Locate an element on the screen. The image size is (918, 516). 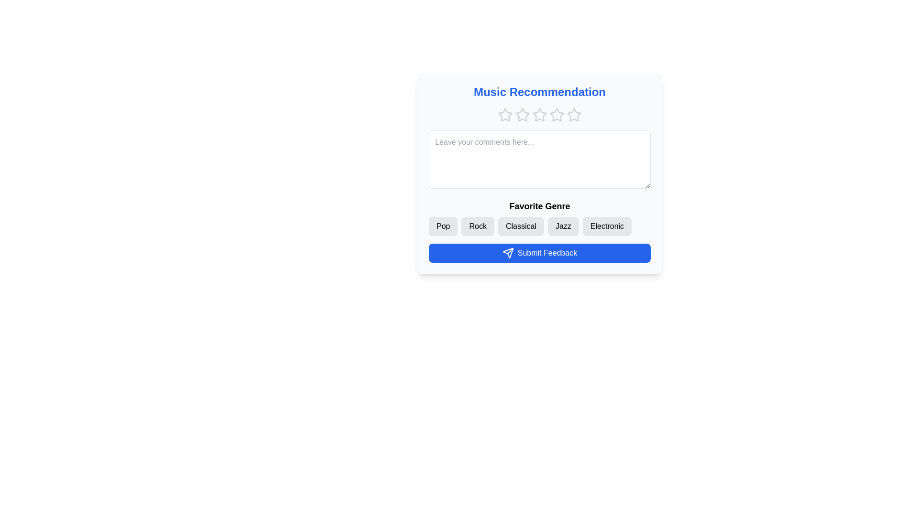
the 'Jazz' button located in the fourth position under the 'Favorite Genre' heading is located at coordinates (563, 226).